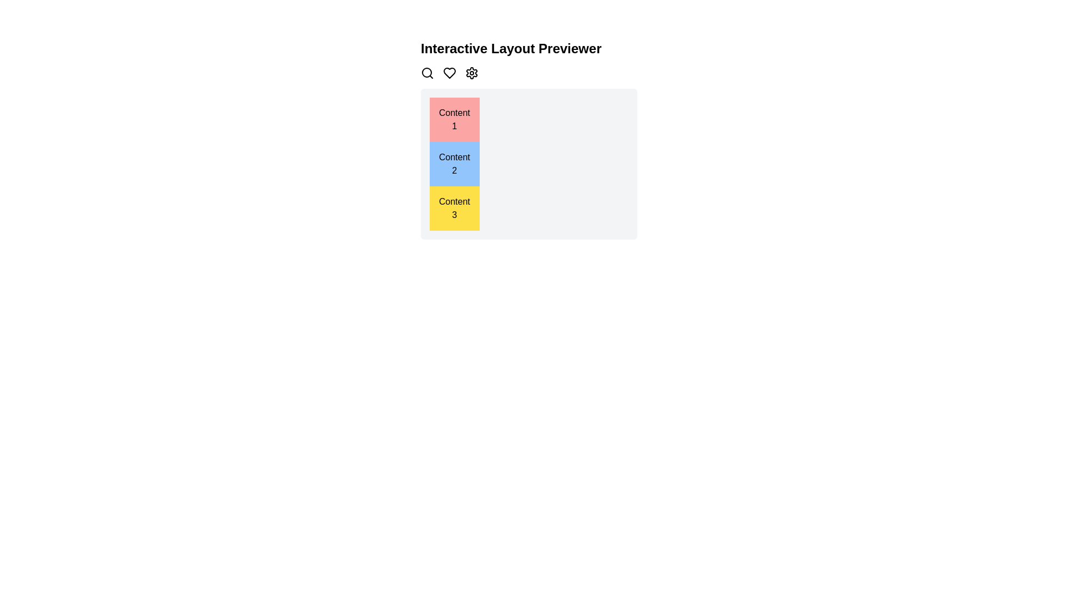 This screenshot has width=1066, height=599. I want to click on the small circular decorative component that is part of the magnifying glass icon located at the top left of the interface, so click(426, 73).